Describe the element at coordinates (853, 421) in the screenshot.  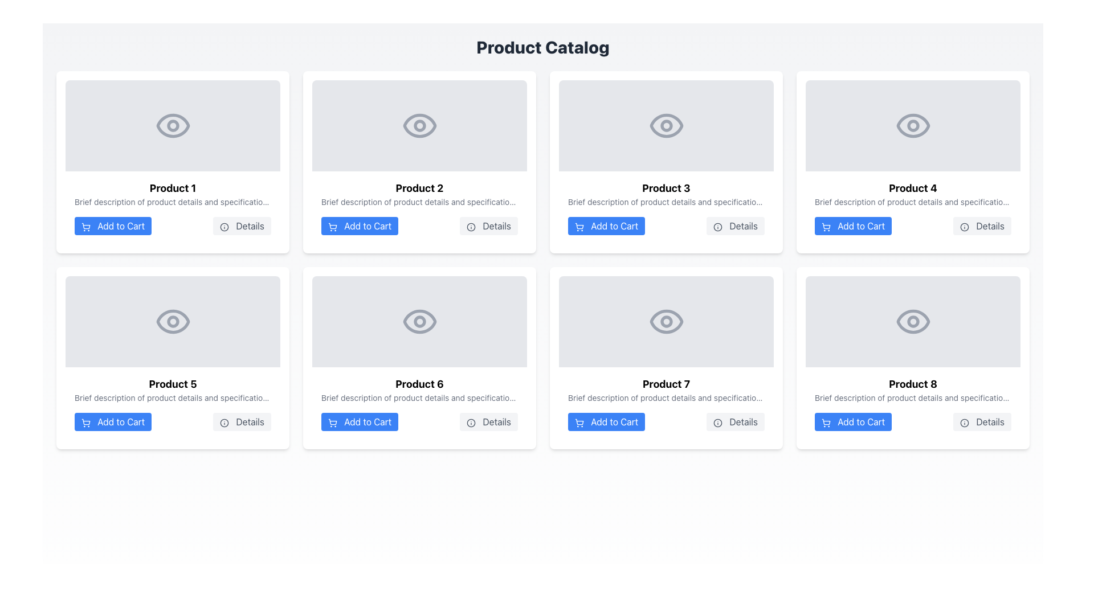
I see `the 'Add to Cart' button located in the bottom right corner of the card for 'Product 8'` at that location.